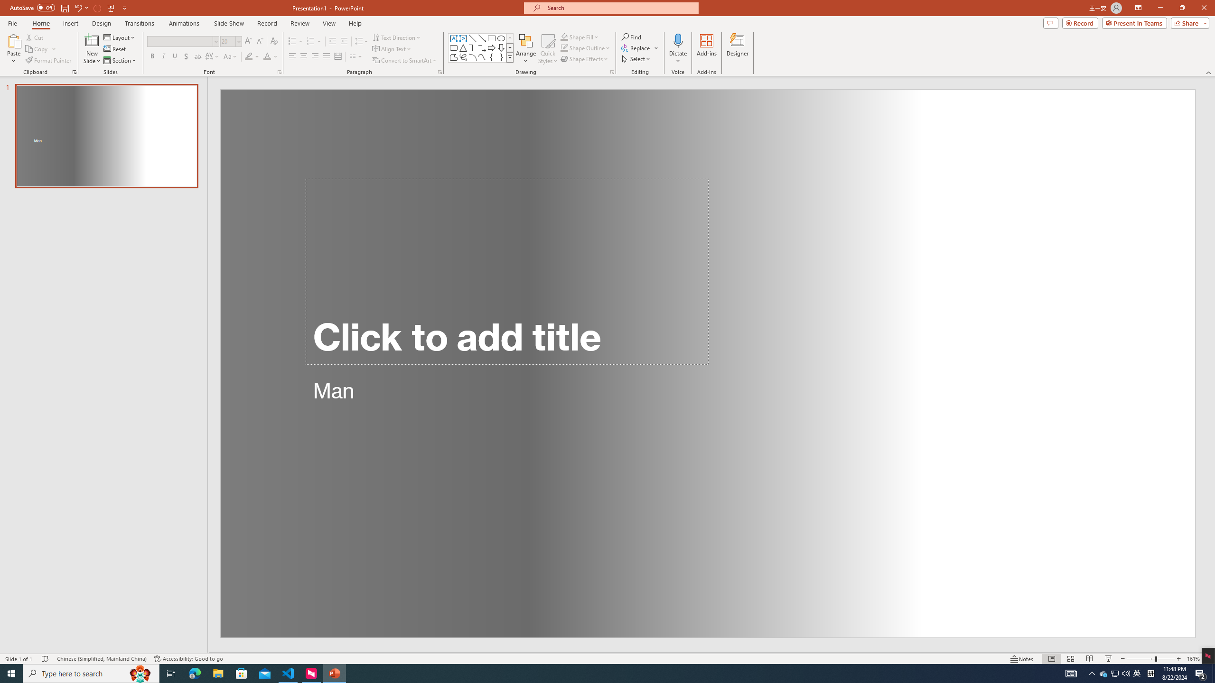 Image resolution: width=1215 pixels, height=683 pixels. Describe the element at coordinates (1134, 22) in the screenshot. I see `'Present in Teams'` at that location.